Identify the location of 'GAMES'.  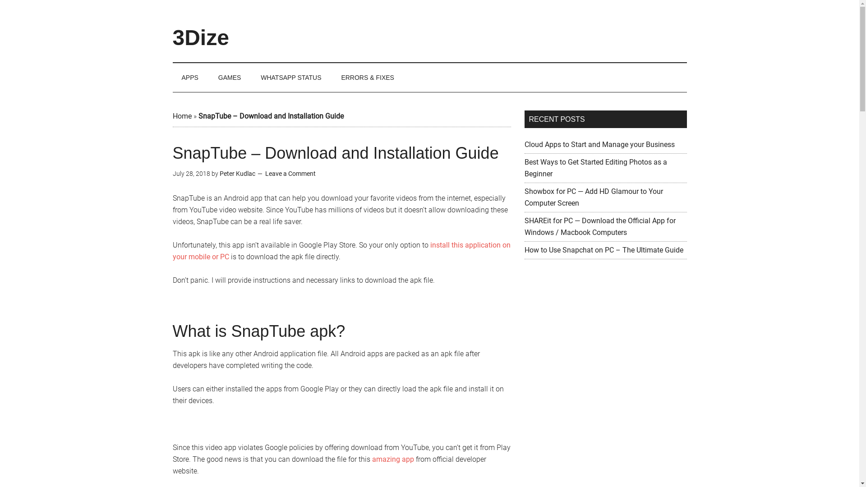
(230, 77).